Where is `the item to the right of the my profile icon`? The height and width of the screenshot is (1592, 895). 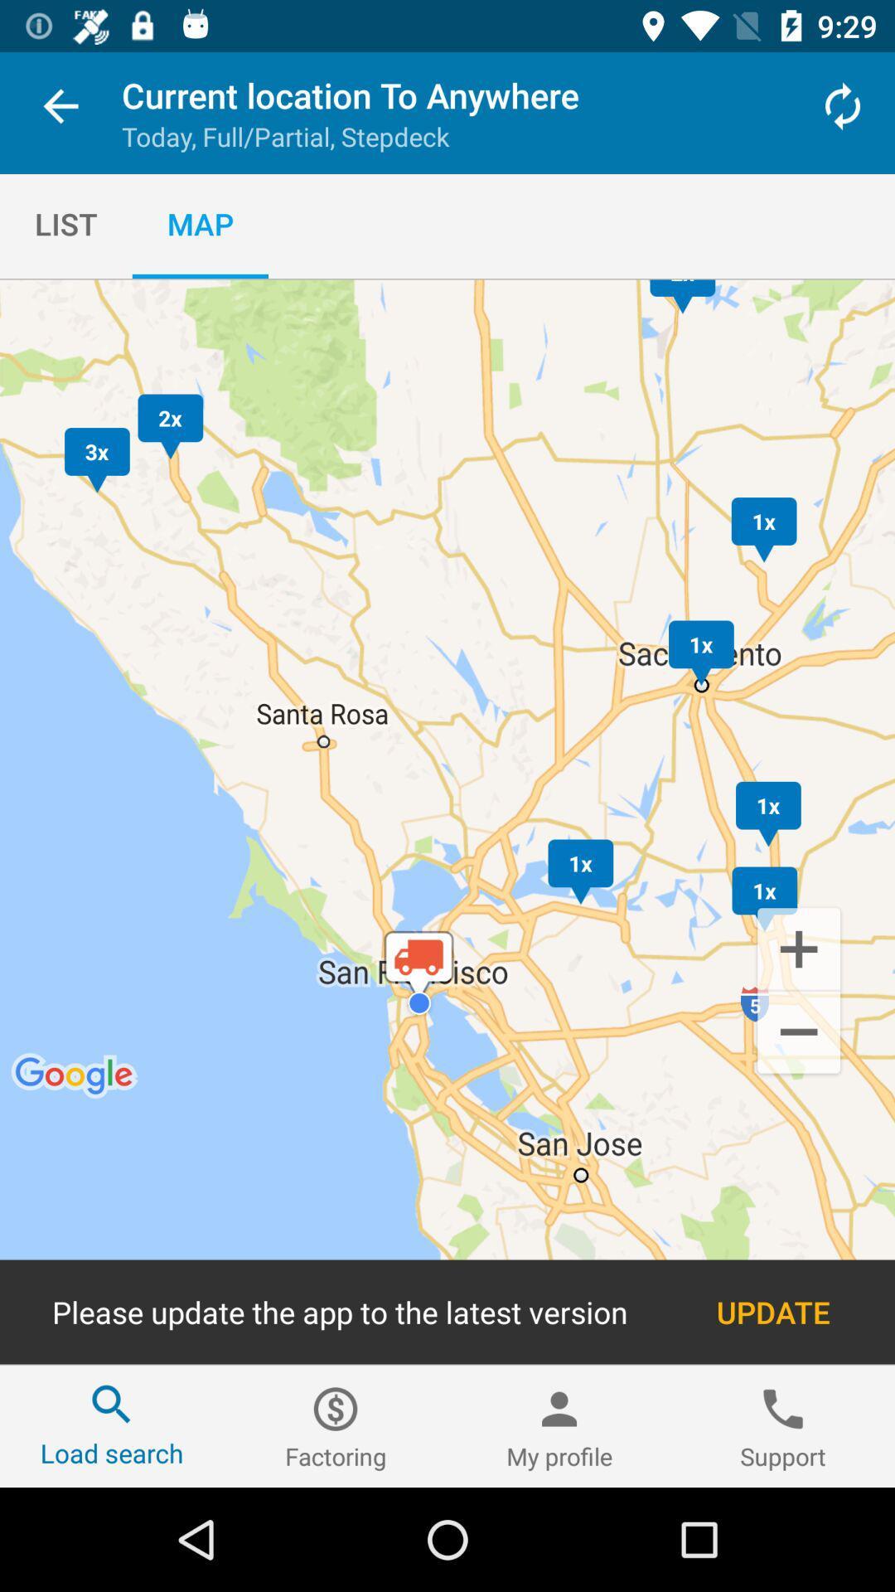
the item to the right of the my profile icon is located at coordinates (783, 1425).